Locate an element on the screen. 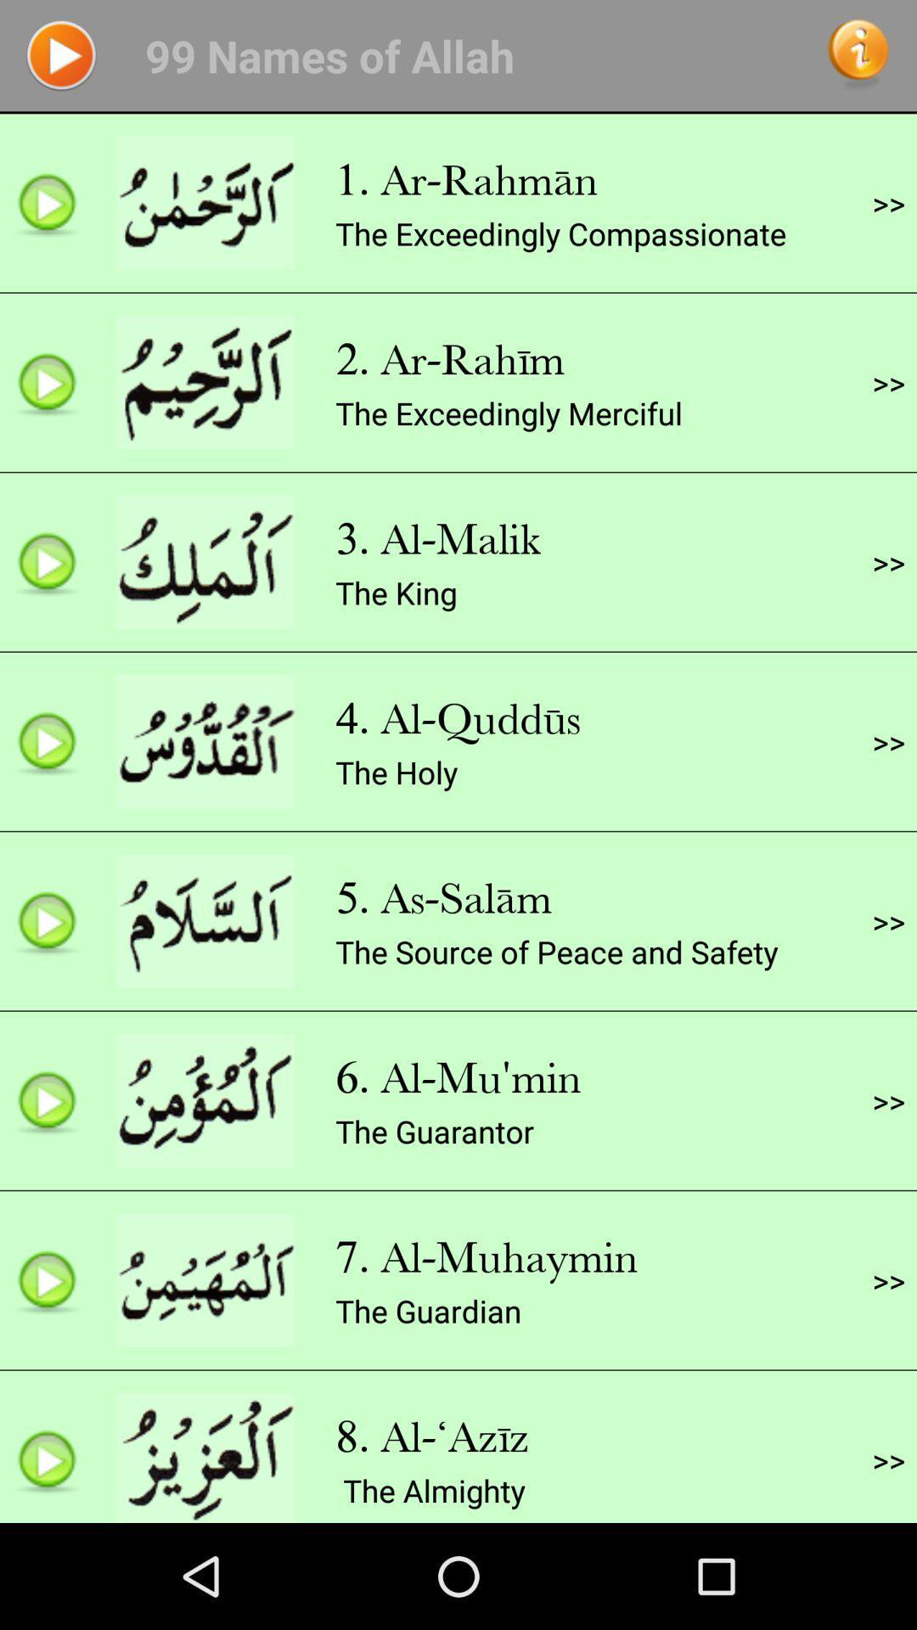 This screenshot has height=1630, width=917. icon above >> item is located at coordinates (887, 203).